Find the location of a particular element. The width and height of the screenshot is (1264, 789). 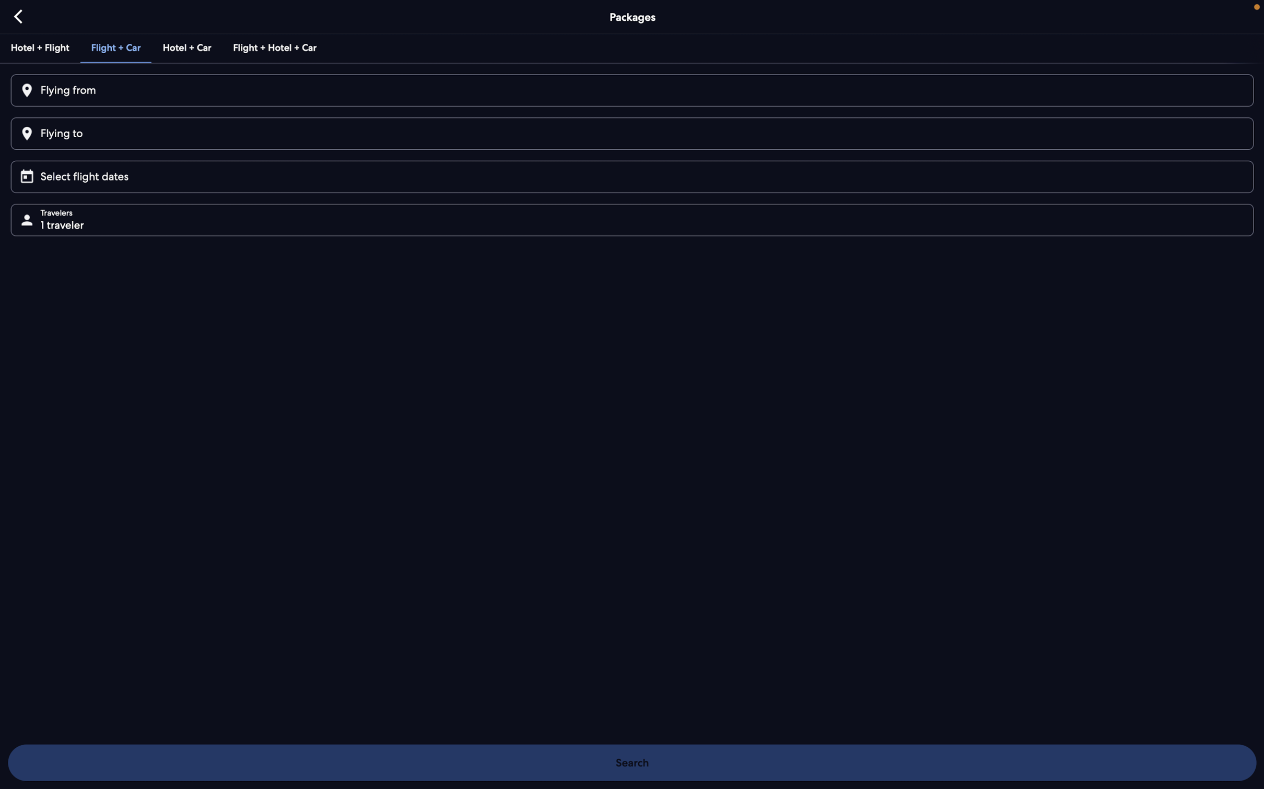

Key in "Paris" in the "to" field and press enter is located at coordinates (630, 133).